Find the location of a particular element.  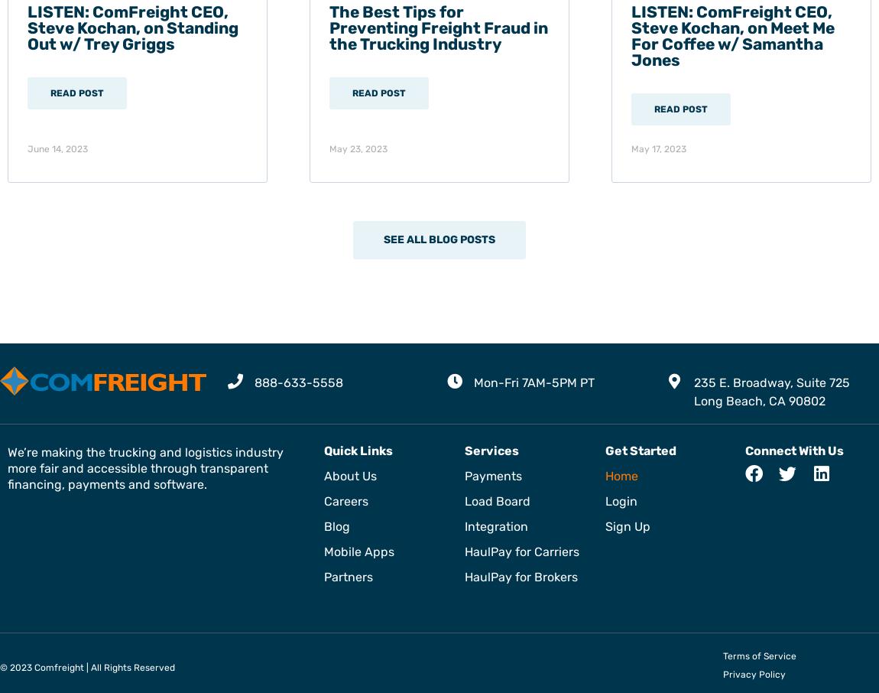

'Get Started' is located at coordinates (640, 450).